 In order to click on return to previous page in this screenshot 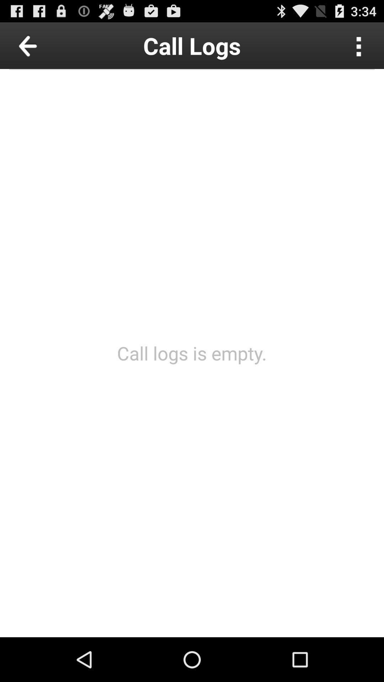, I will do `click(44, 45)`.